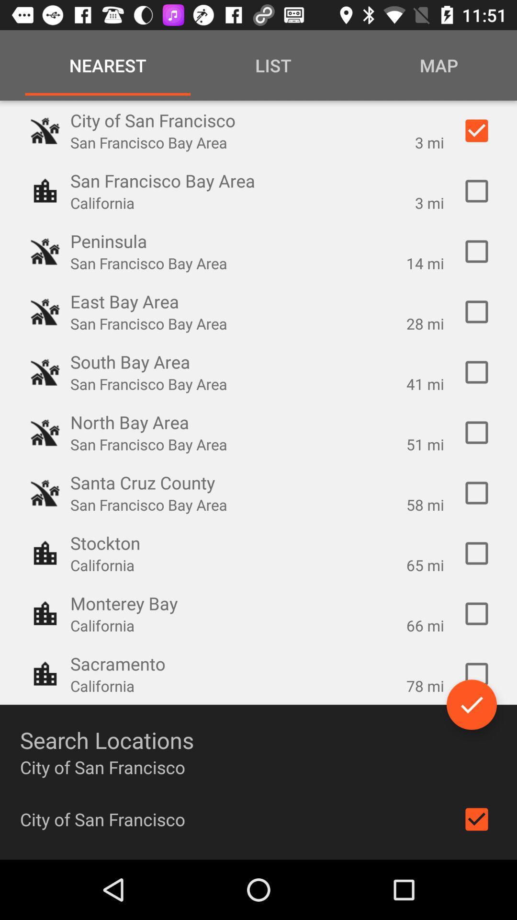 The image size is (517, 920). I want to click on option, so click(476, 372).